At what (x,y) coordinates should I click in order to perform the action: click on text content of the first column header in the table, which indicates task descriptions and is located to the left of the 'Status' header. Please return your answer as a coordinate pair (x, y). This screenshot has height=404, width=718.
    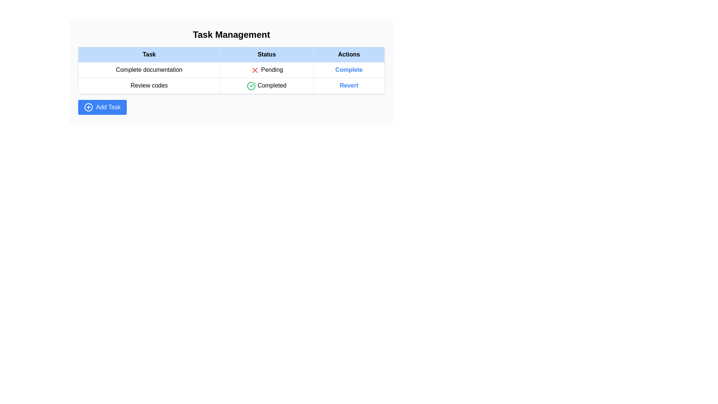
    Looking at the image, I should click on (149, 54).